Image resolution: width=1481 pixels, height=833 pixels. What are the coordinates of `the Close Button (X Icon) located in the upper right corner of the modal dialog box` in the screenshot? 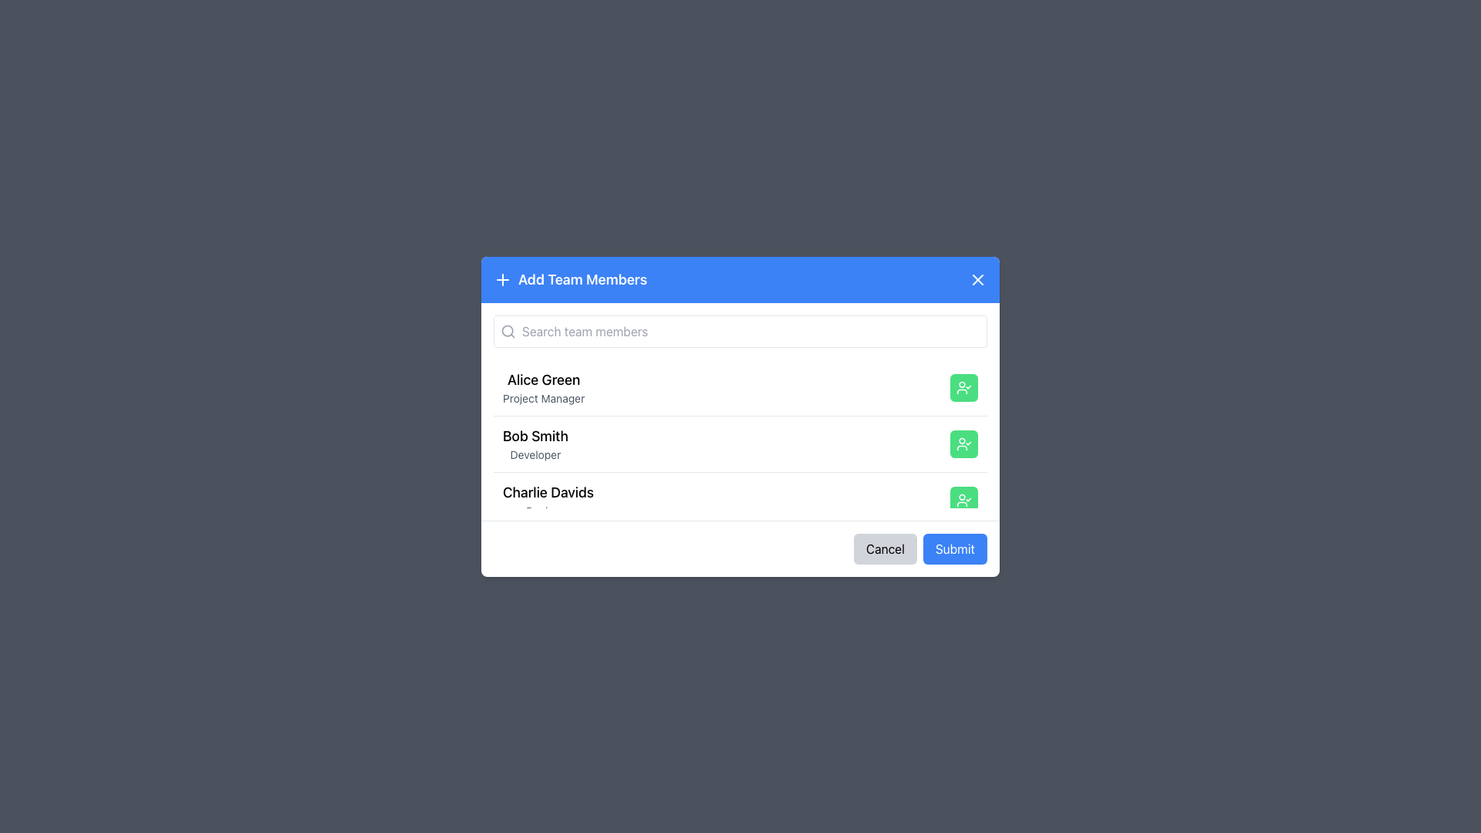 It's located at (977, 279).